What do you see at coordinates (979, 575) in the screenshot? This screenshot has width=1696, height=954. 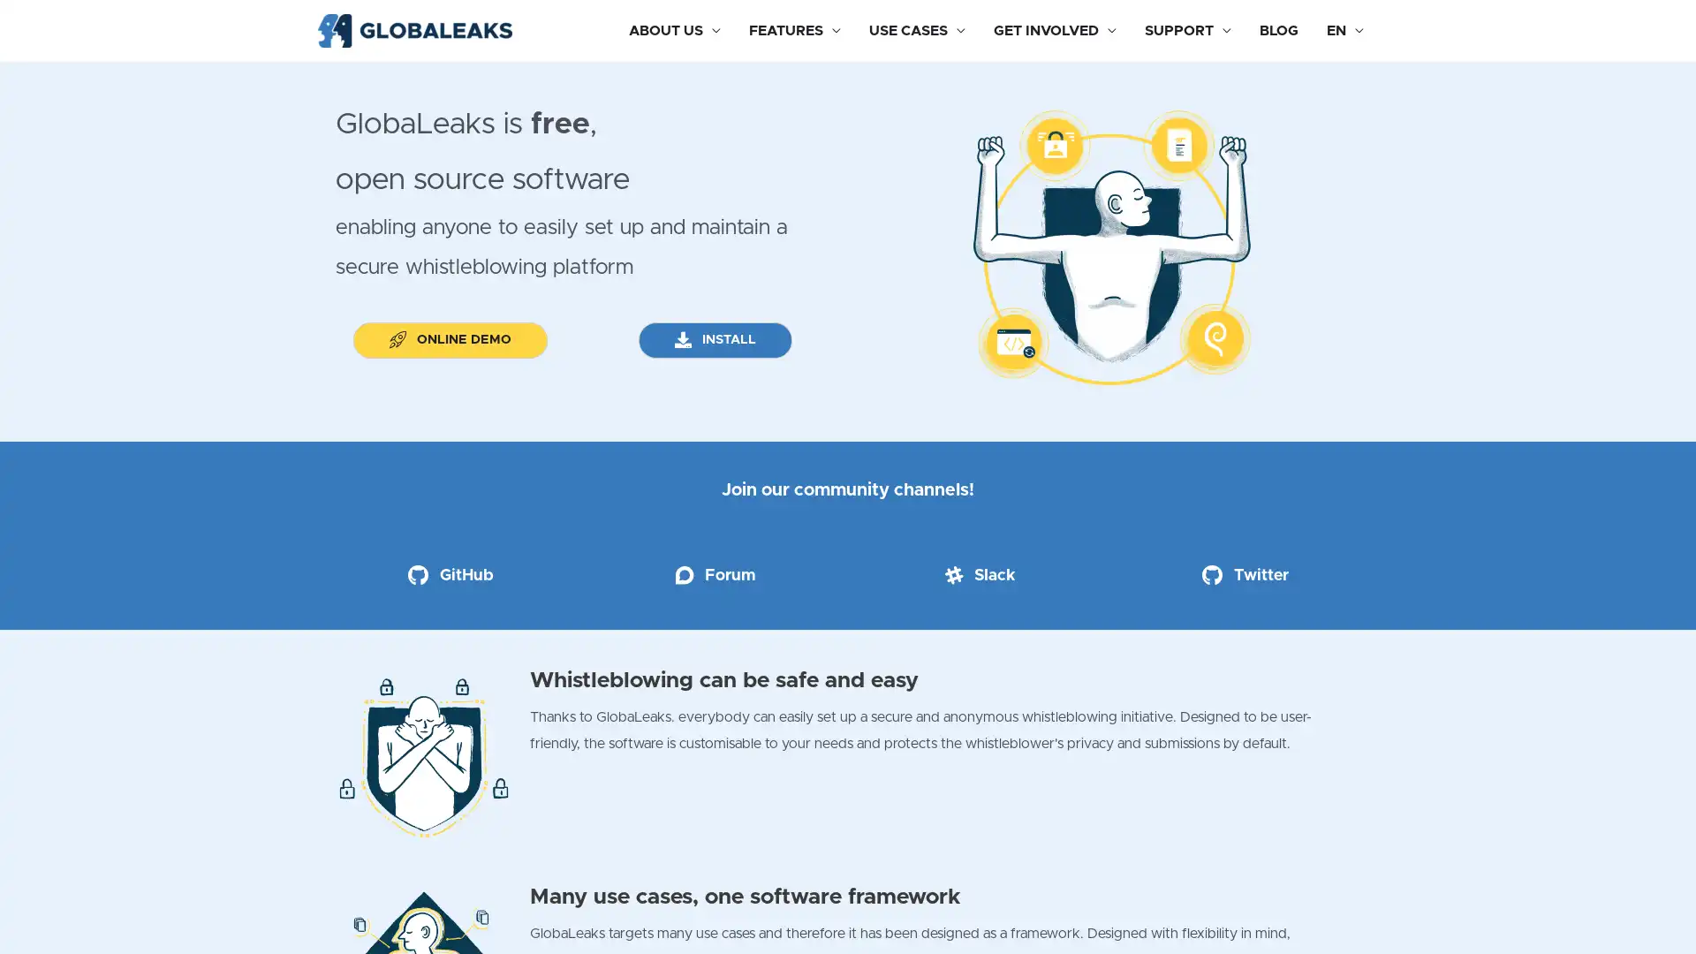 I see `Slack` at bounding box center [979, 575].